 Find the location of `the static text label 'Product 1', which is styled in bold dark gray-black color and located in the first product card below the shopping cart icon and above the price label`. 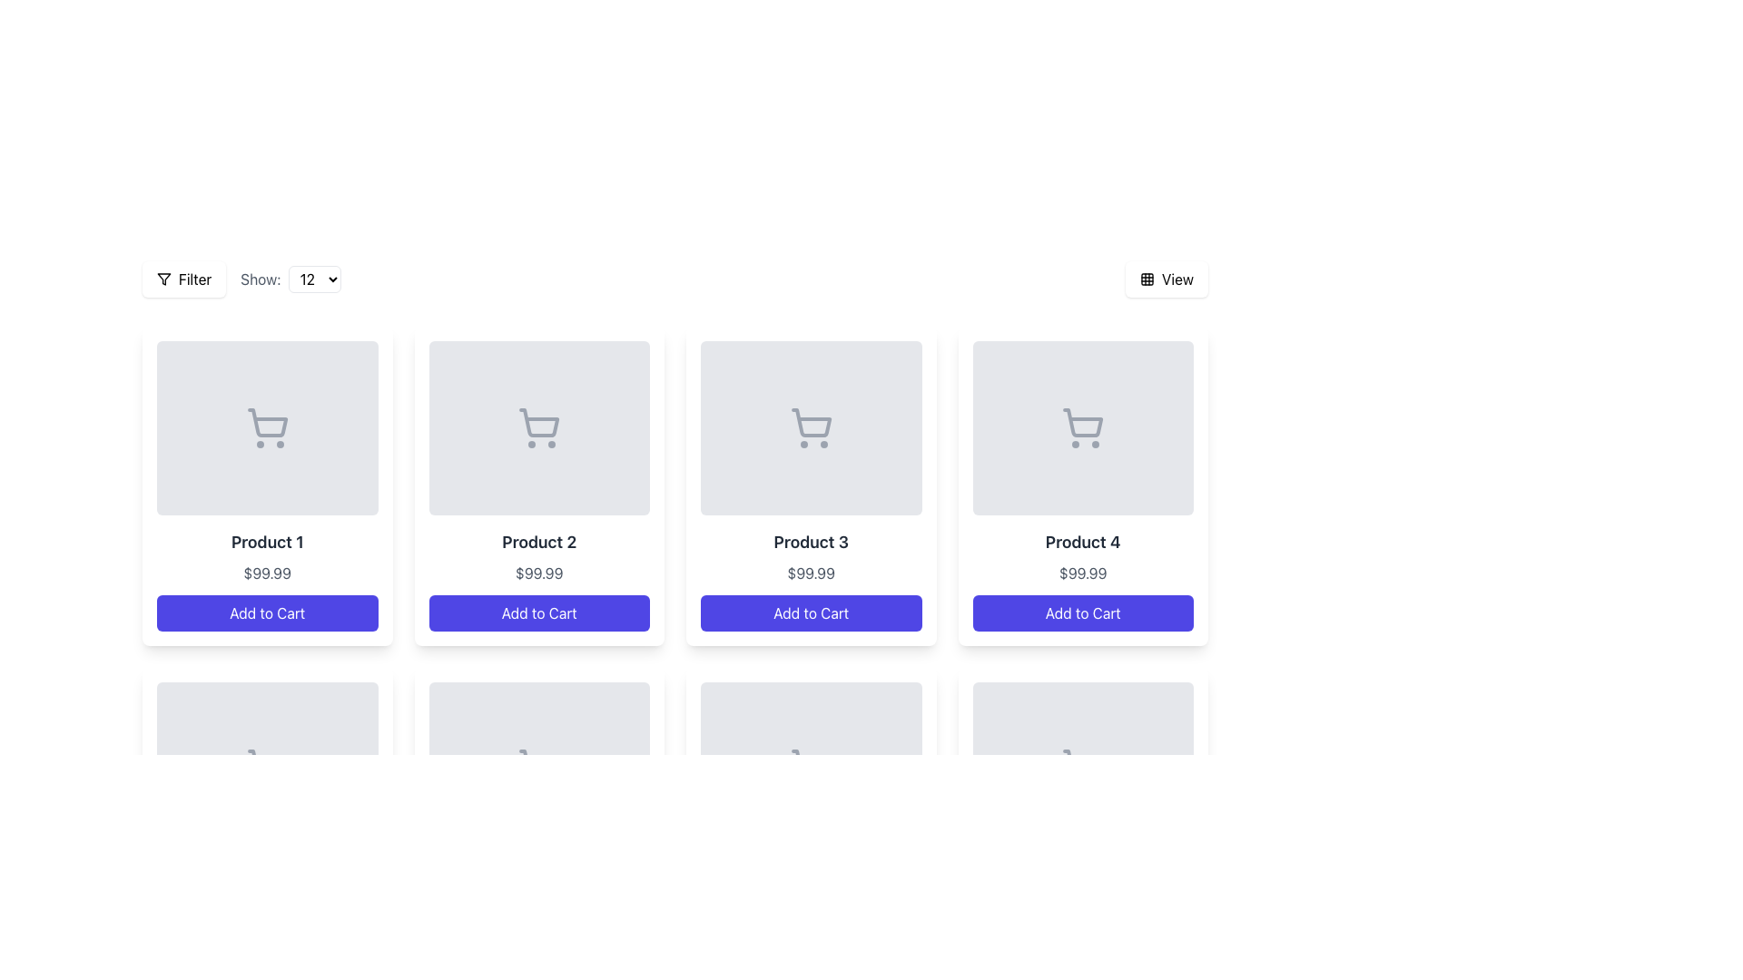

the static text label 'Product 1', which is styled in bold dark gray-black color and located in the first product card below the shopping cart icon and above the price label is located at coordinates (266, 541).